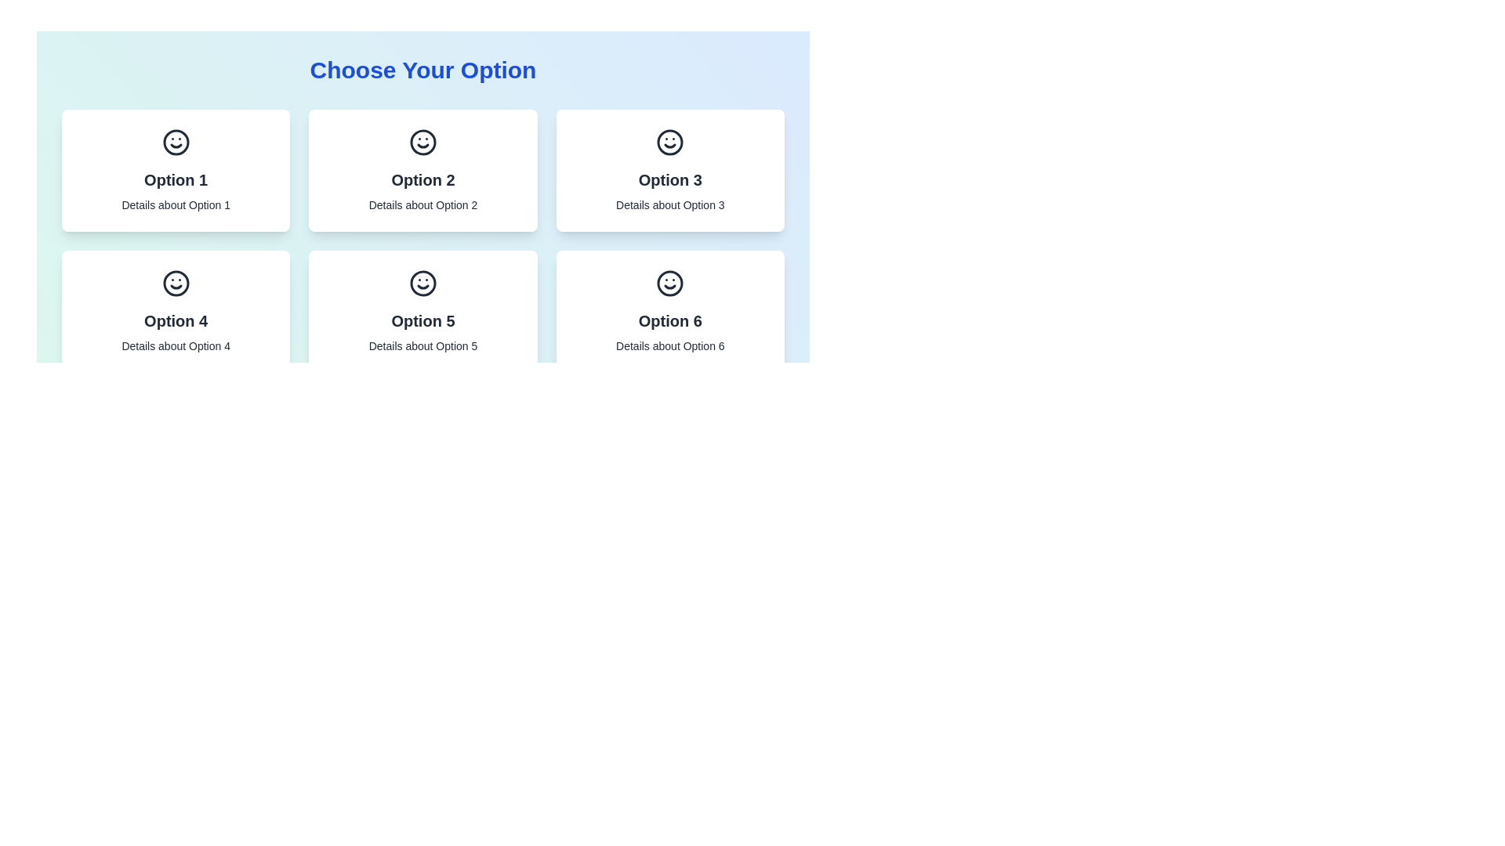 The width and height of the screenshot is (1505, 846). I want to click on the static text element providing additional descriptive information about the 'Option 2' card, located below the 'Option 2' title in the center of the card, so click(422, 204).